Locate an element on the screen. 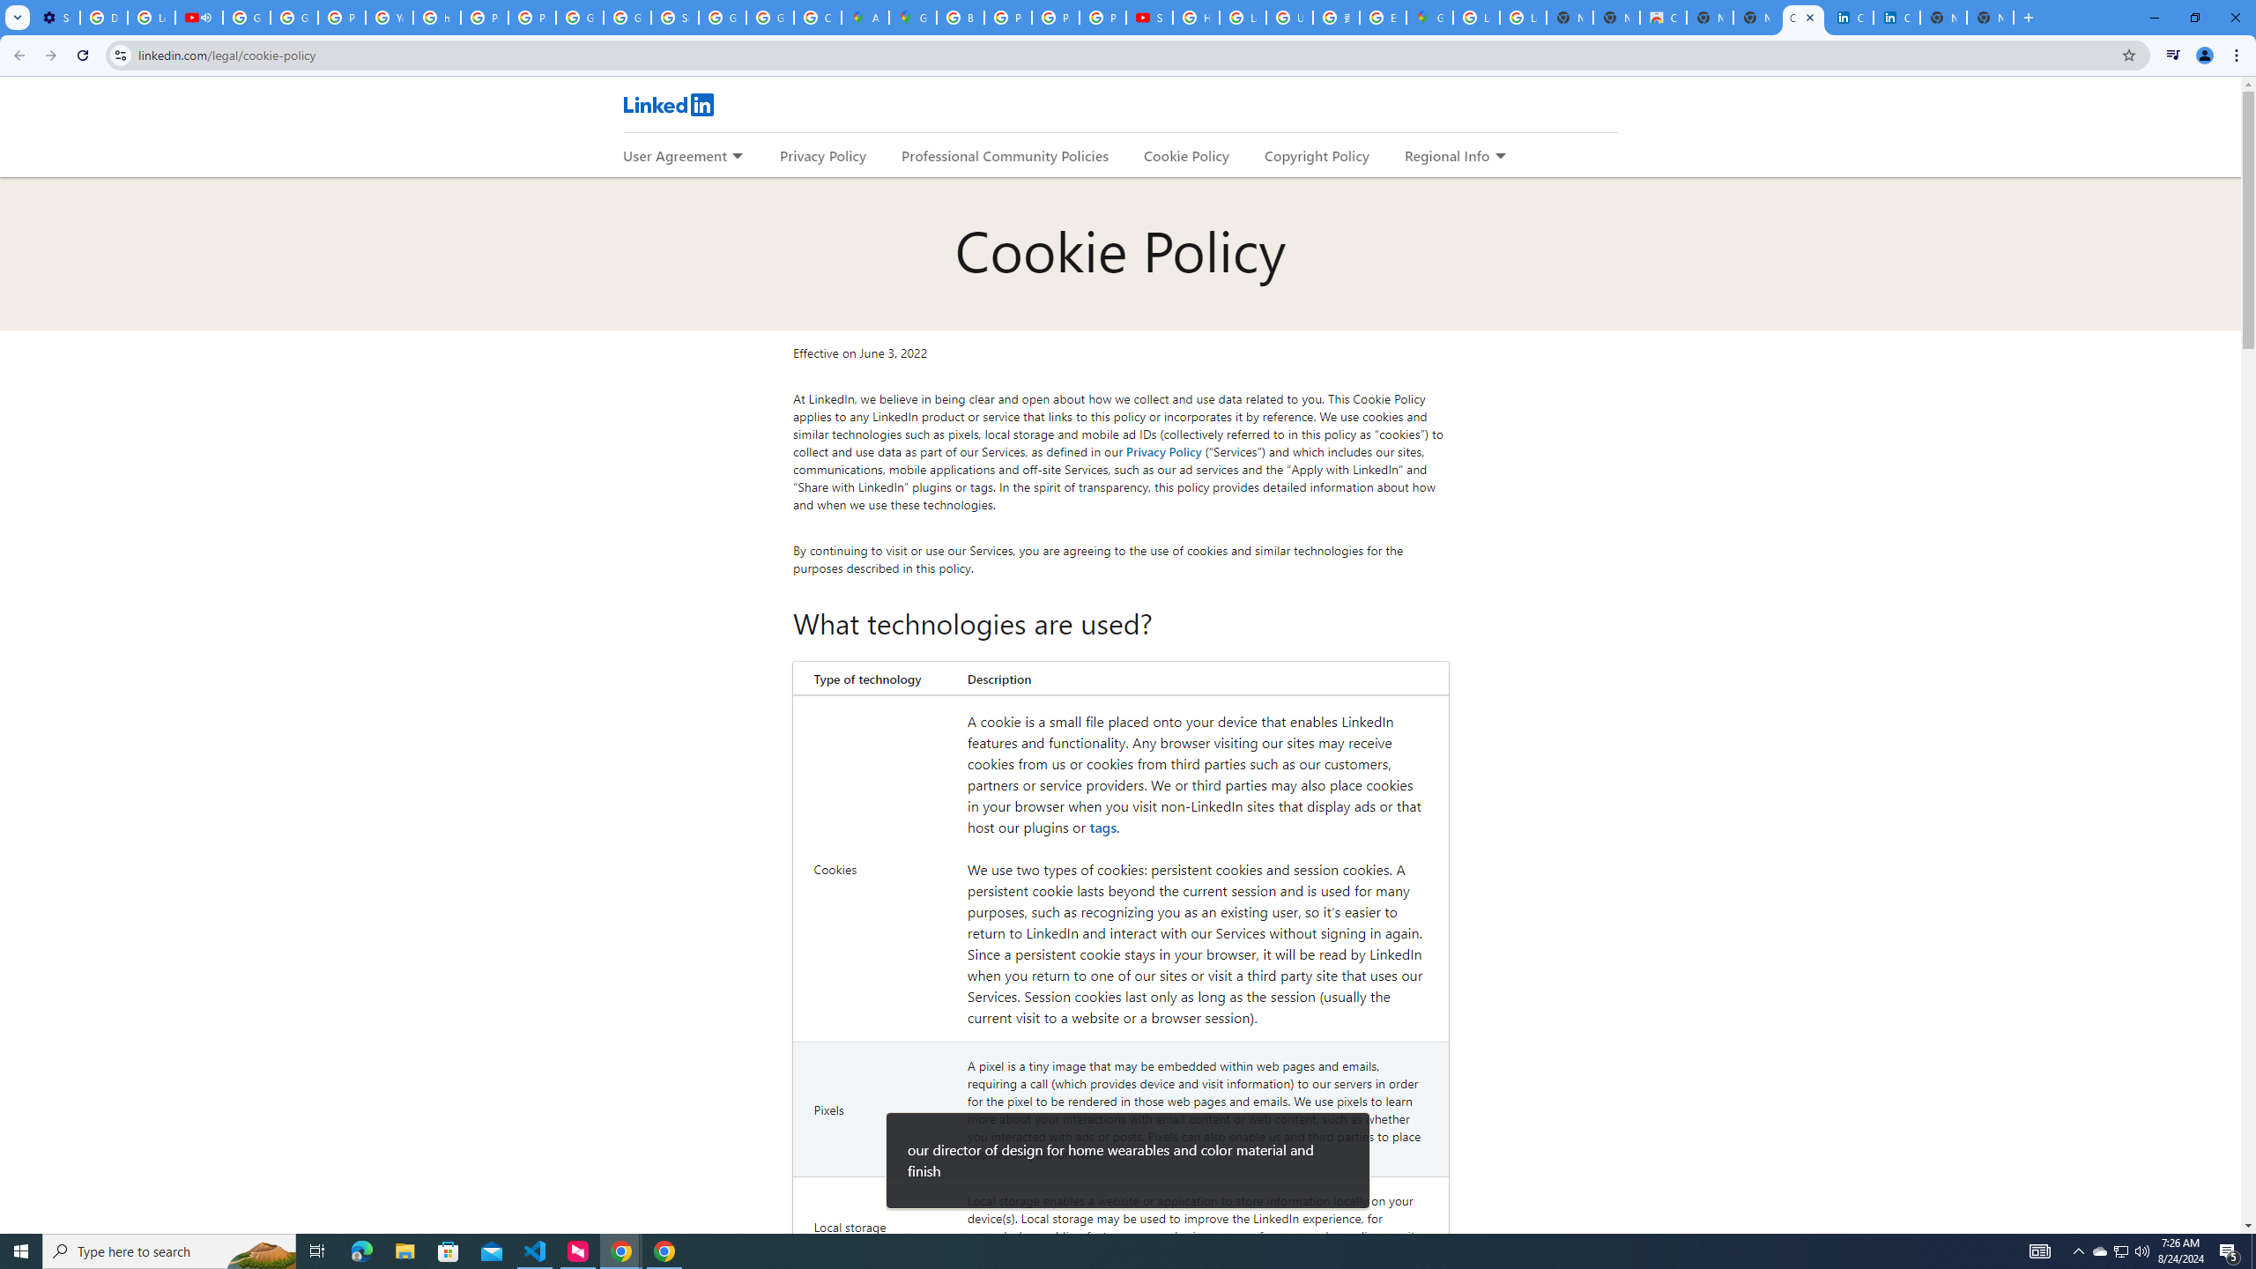  'Cookie Policy | LinkedIn' is located at coordinates (1850, 17).